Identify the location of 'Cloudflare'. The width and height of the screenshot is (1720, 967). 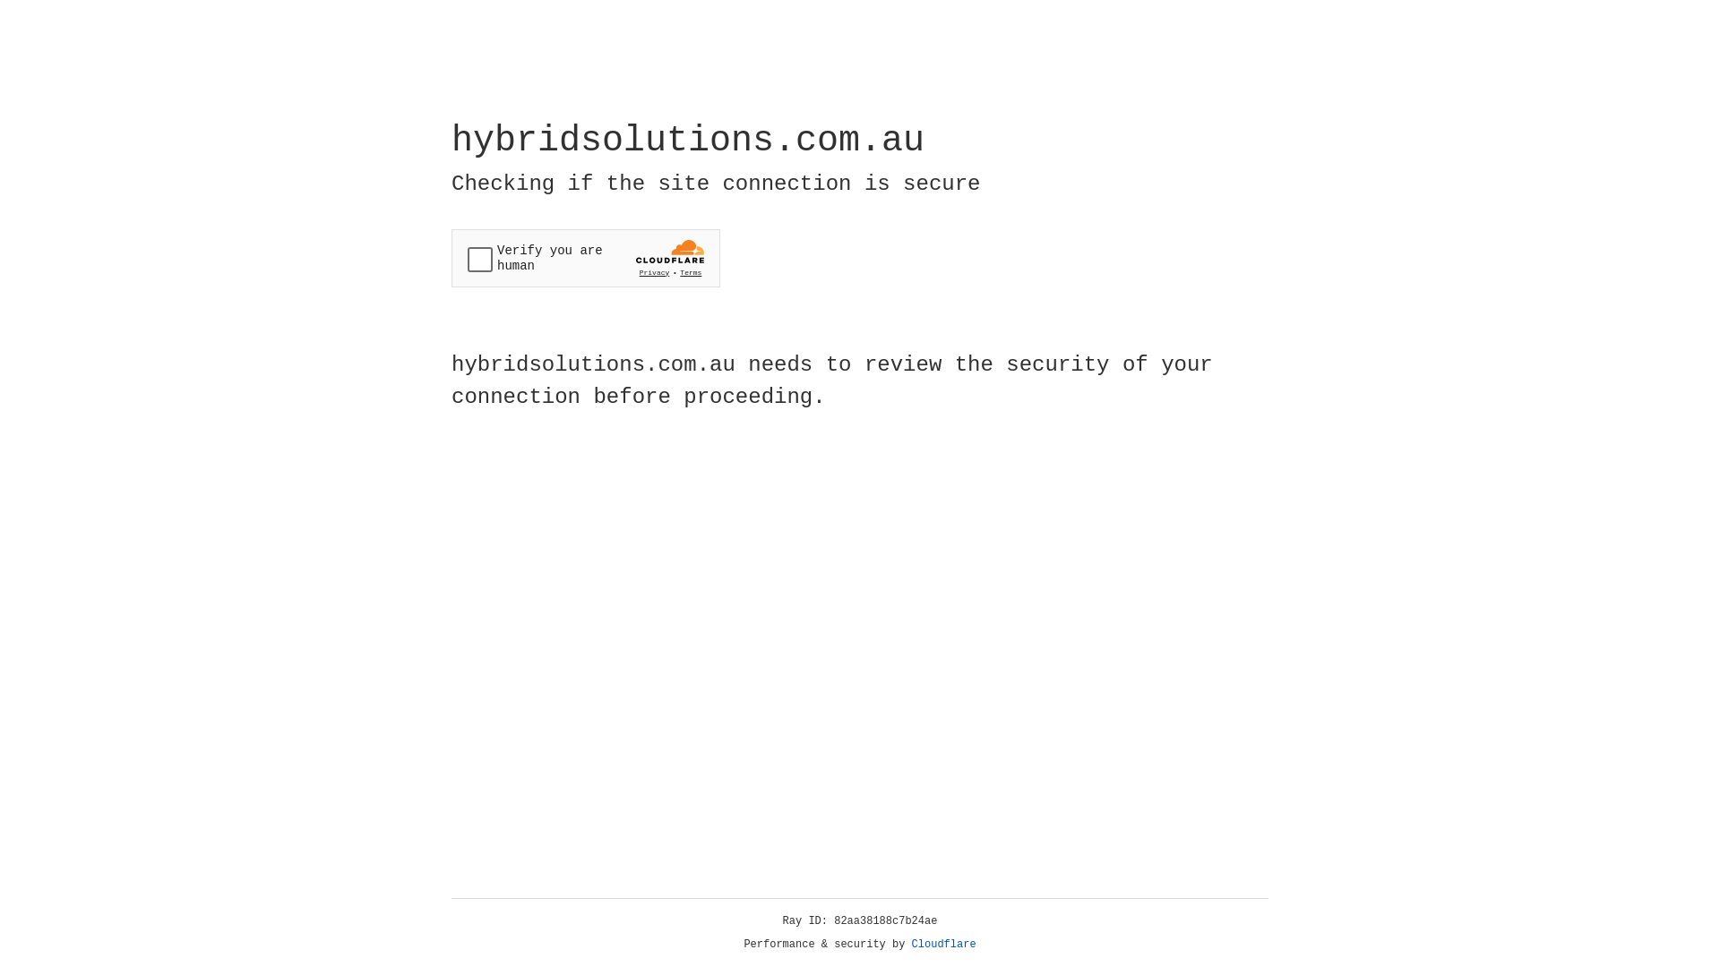
(943, 944).